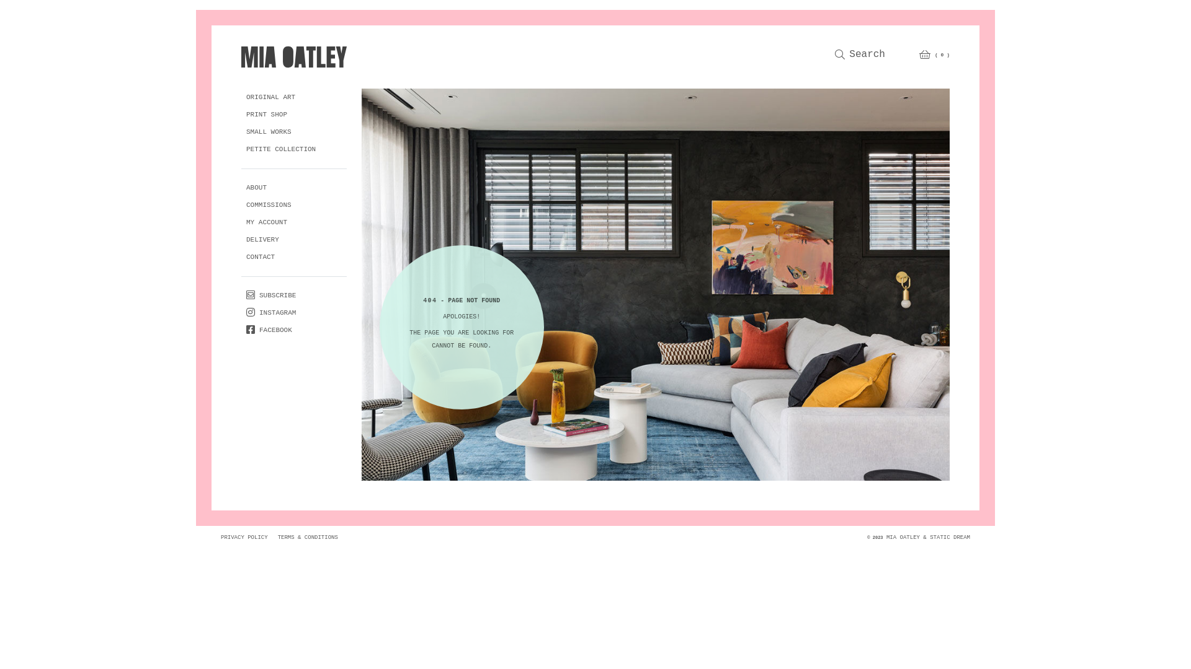  I want to click on 'Original Art', so click(270, 97).